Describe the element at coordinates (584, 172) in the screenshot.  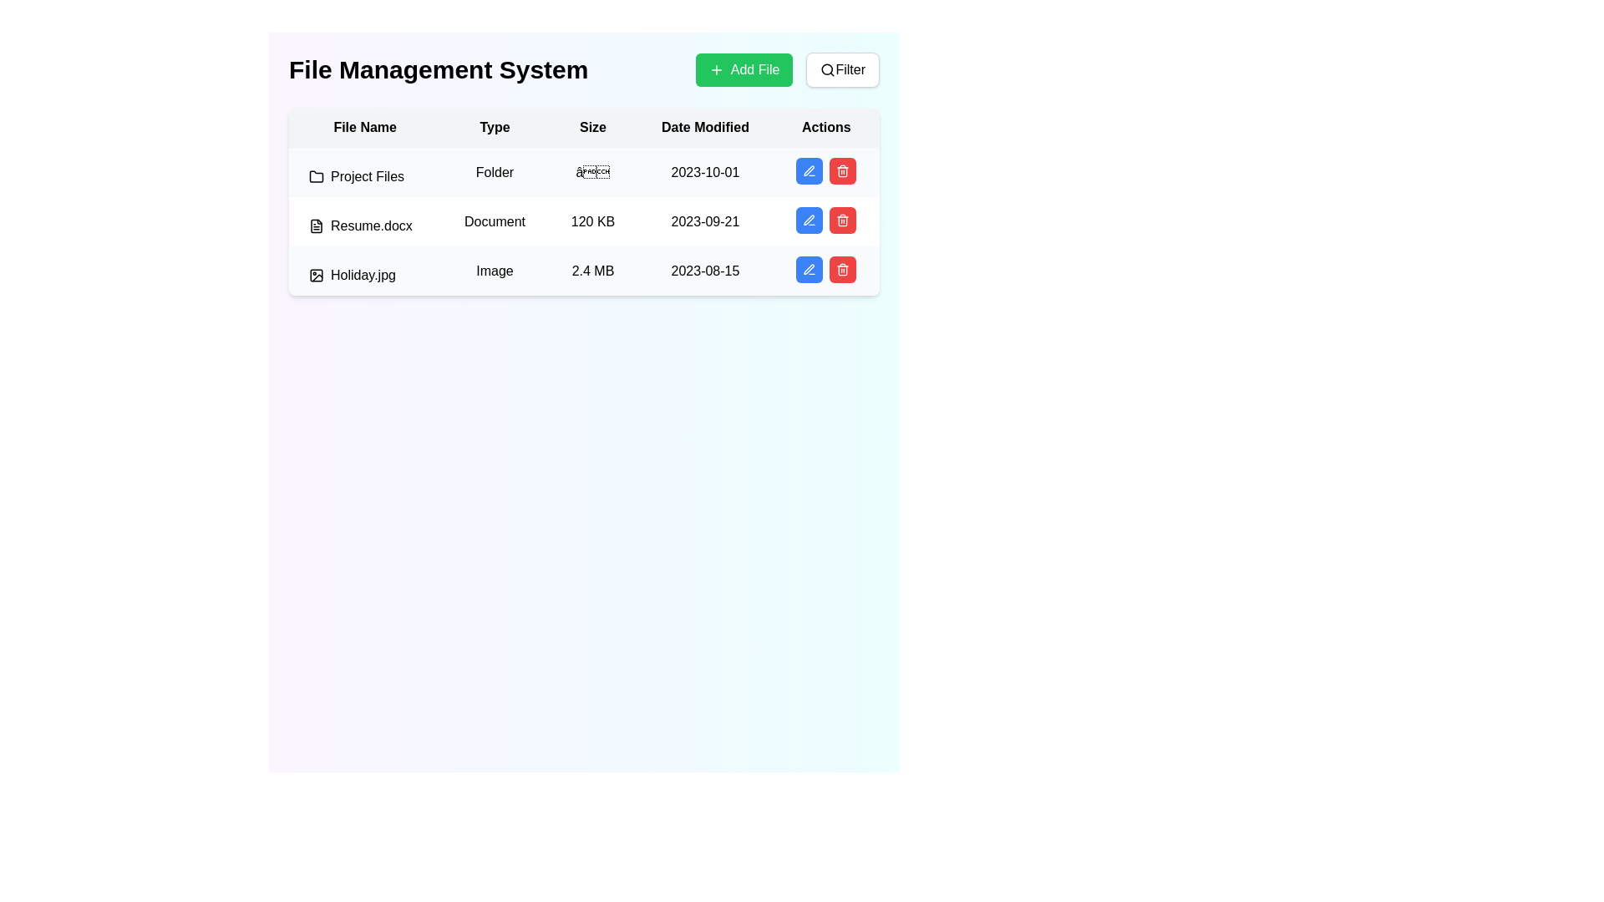
I see `the 'Size' column entry in the first row of the table that contains a dash symbol ('—'), located between the 'Folder' entry and the date '2023-10-01'` at that location.